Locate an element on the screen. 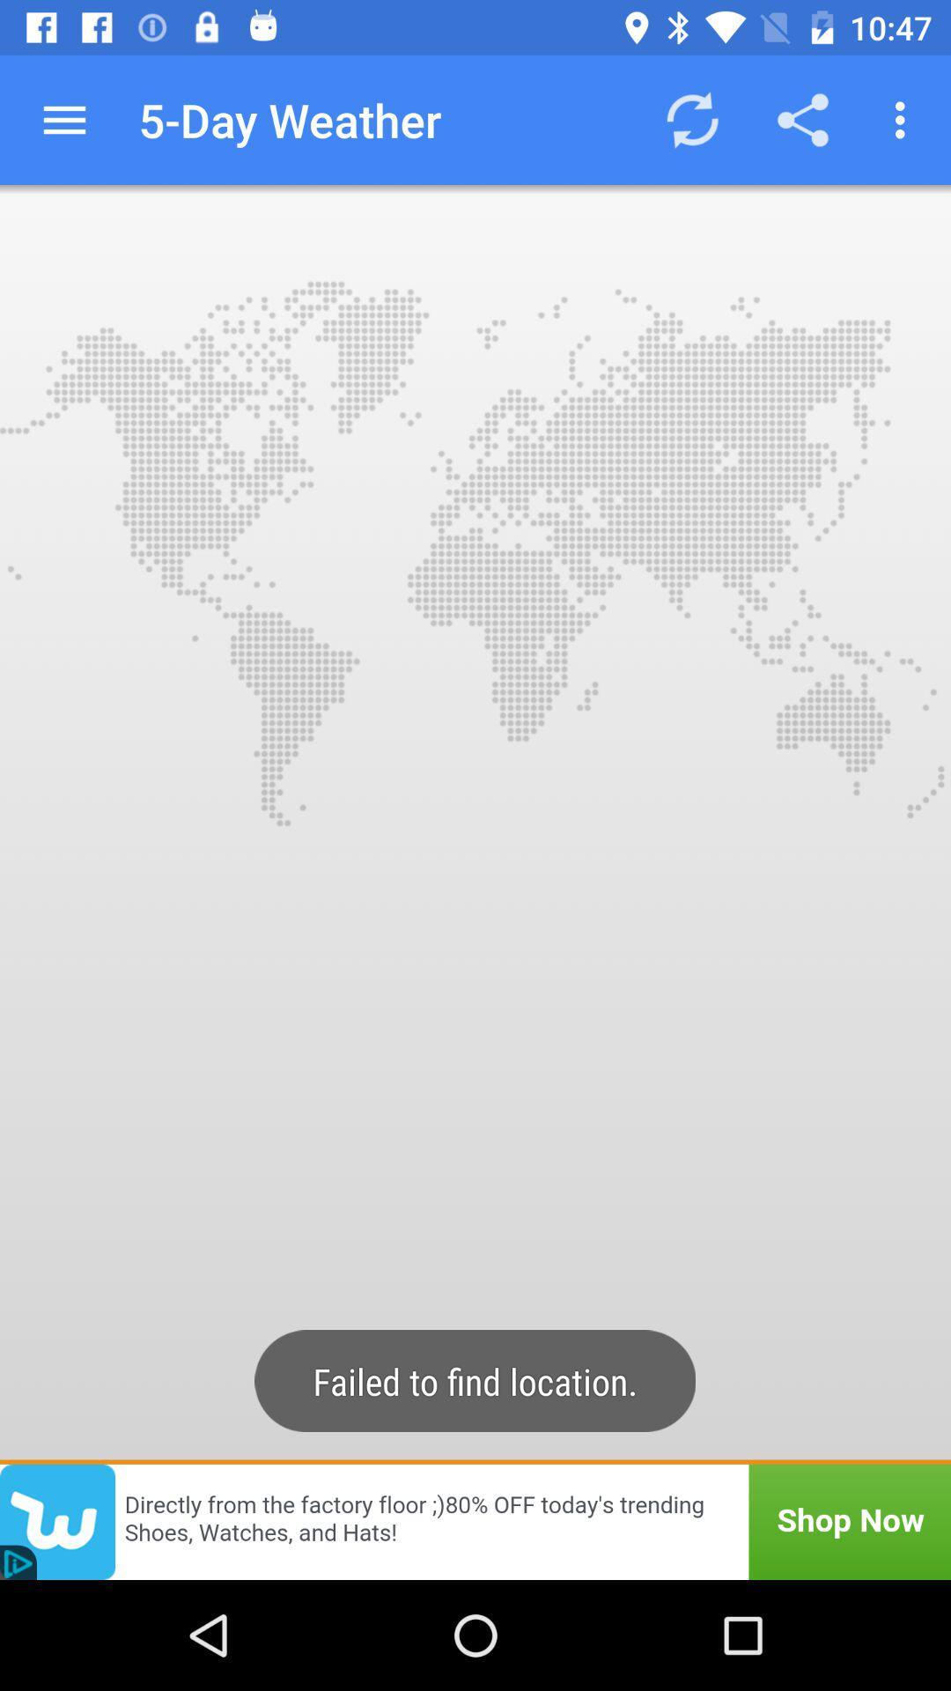 The height and width of the screenshot is (1691, 951). app to the left of 5-day weather item is located at coordinates (63, 119).